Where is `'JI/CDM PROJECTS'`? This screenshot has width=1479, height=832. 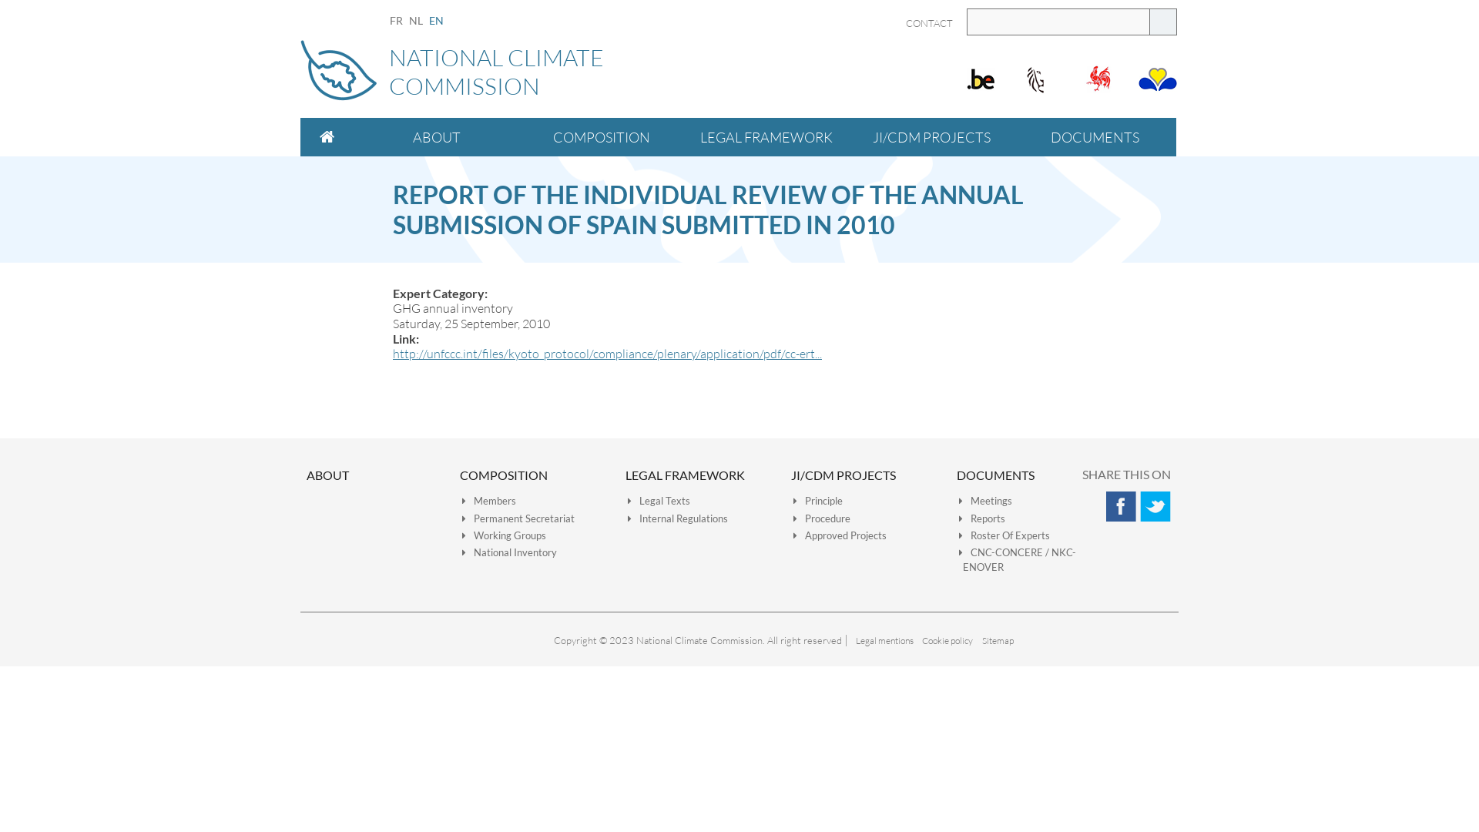
'JI/CDM PROJECTS' is located at coordinates (848, 136).